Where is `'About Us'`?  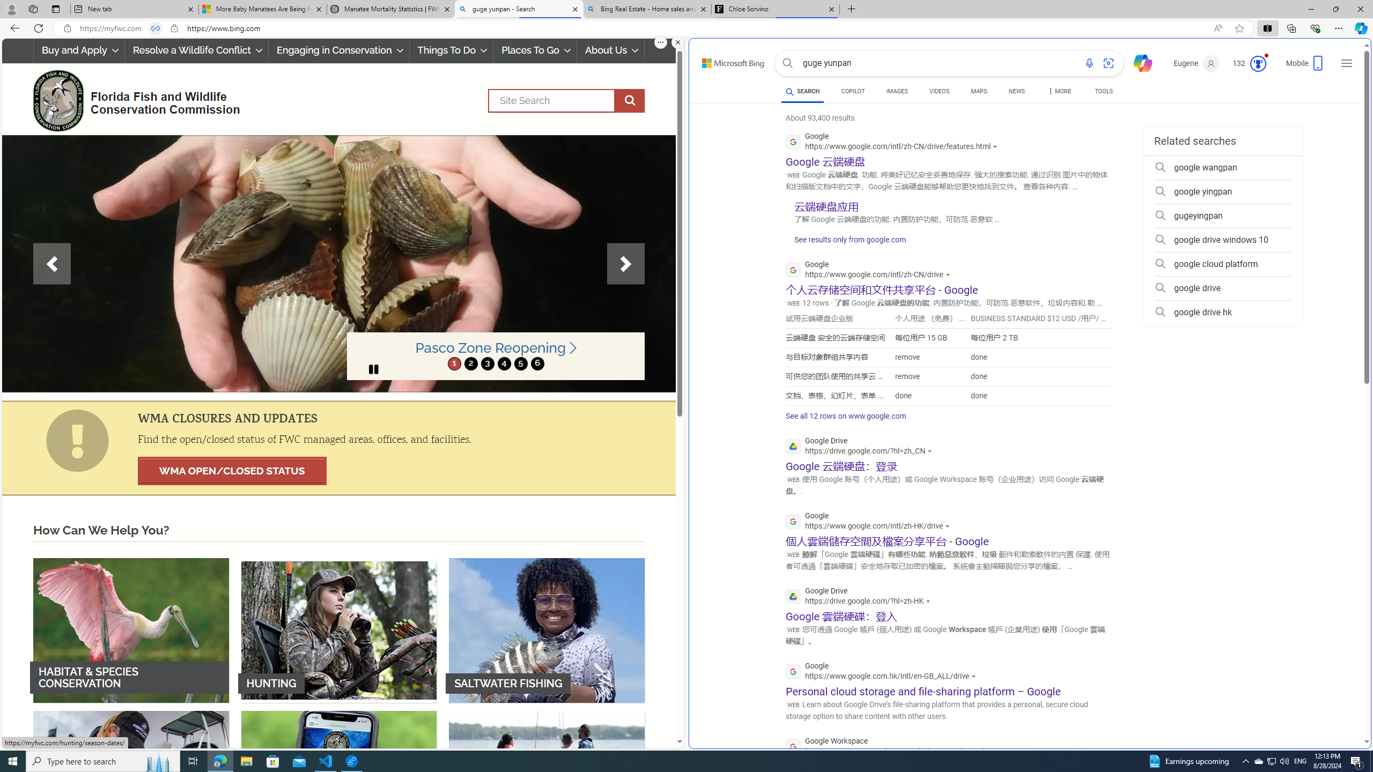 'About Us' is located at coordinates (610, 50).